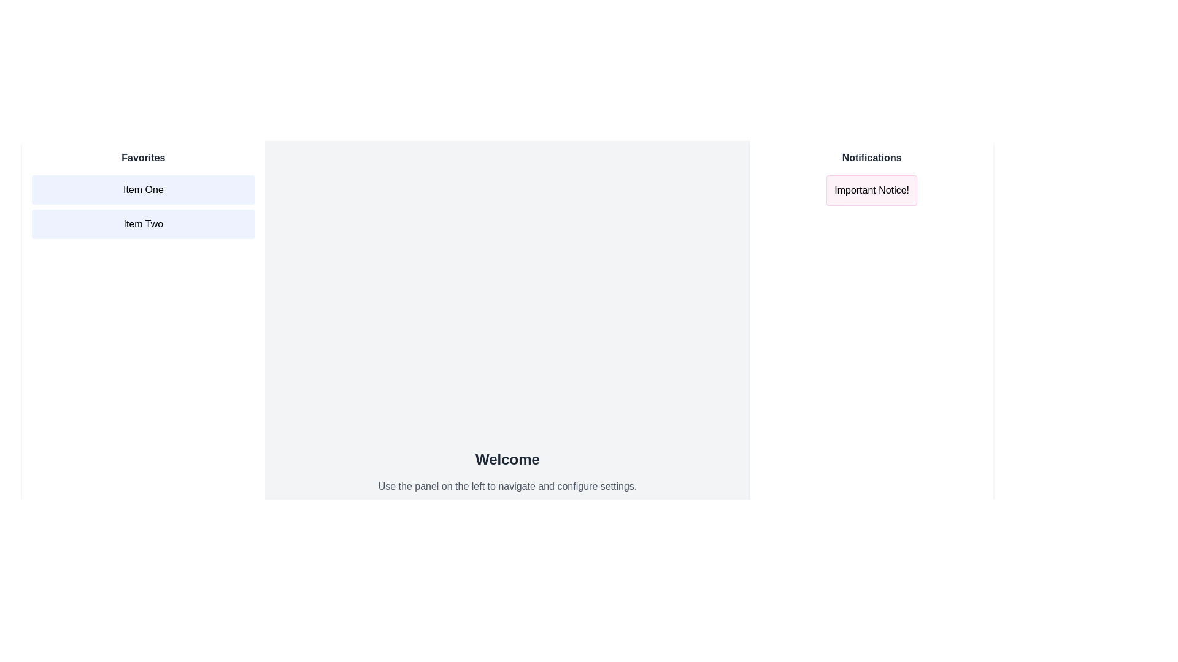 The width and height of the screenshot is (1178, 662). Describe the element at coordinates (507, 459) in the screenshot. I see `header text that welcomes the user to the application, positioned centrally above the navigation instructions text` at that location.